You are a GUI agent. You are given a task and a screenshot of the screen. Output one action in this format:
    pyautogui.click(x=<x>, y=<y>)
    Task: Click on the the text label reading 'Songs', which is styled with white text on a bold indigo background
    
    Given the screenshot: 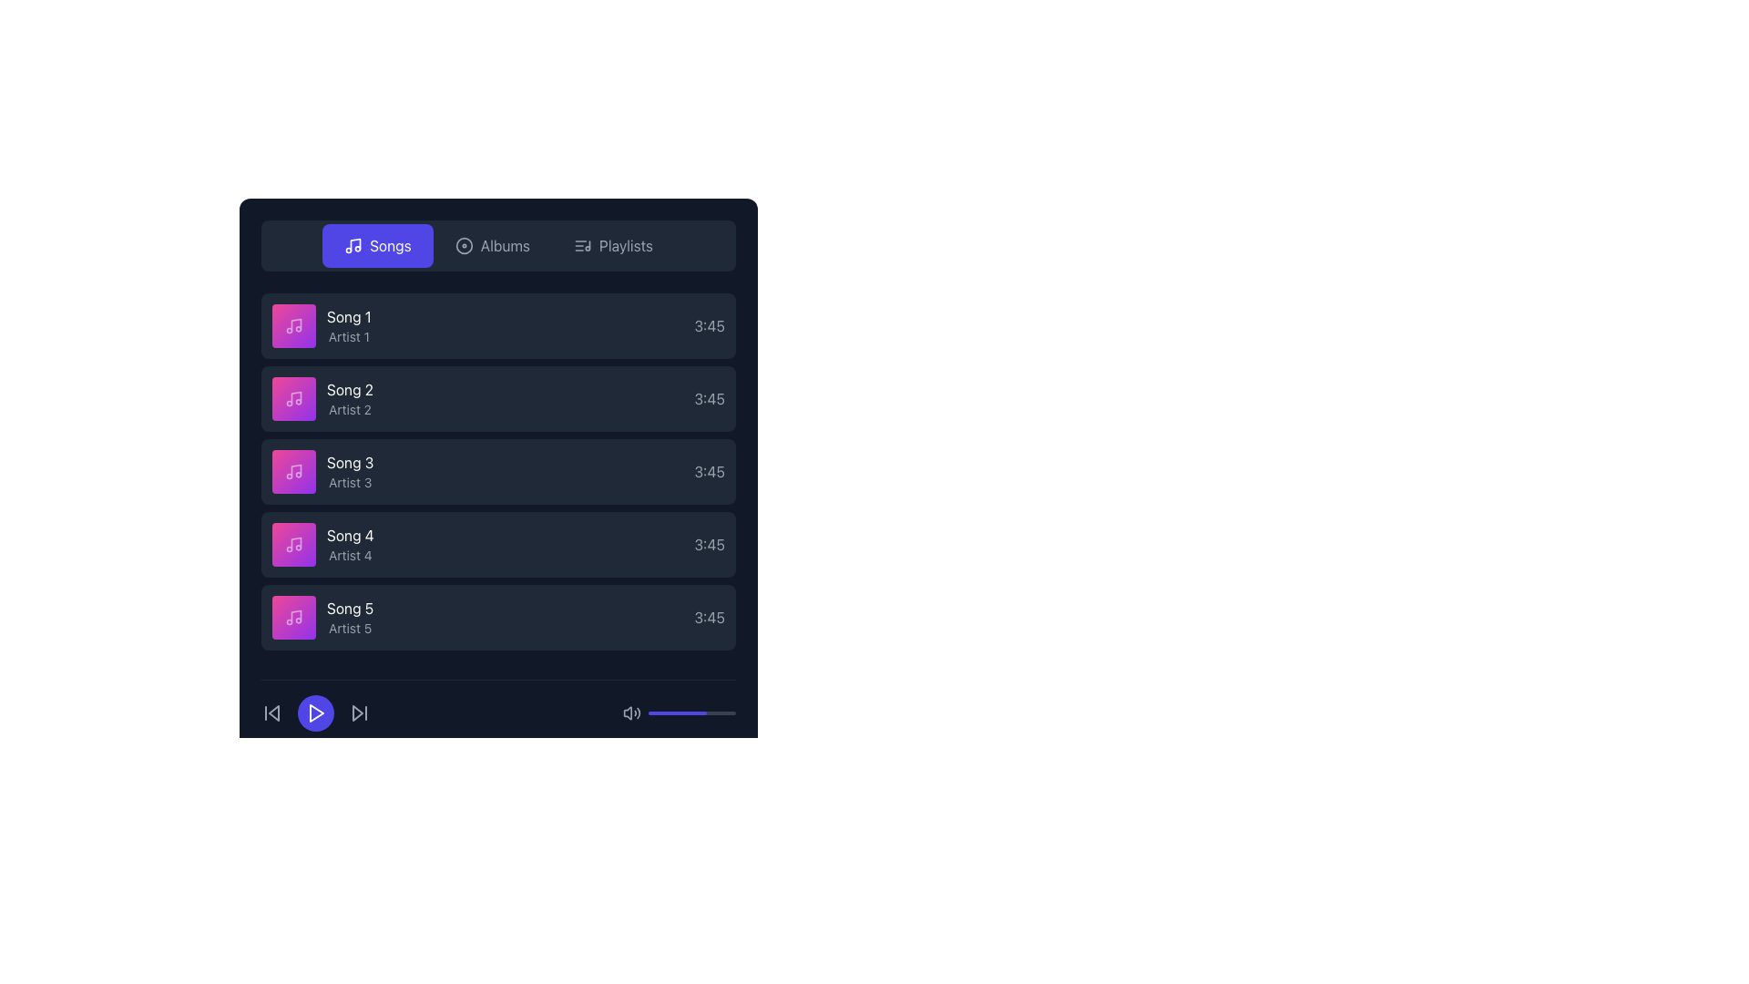 What is the action you would take?
    pyautogui.click(x=389, y=246)
    